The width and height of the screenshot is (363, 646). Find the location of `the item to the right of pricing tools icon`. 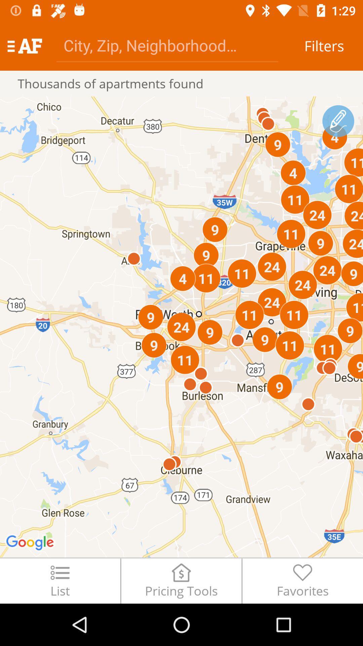

the item to the right of pricing tools icon is located at coordinates (302, 580).